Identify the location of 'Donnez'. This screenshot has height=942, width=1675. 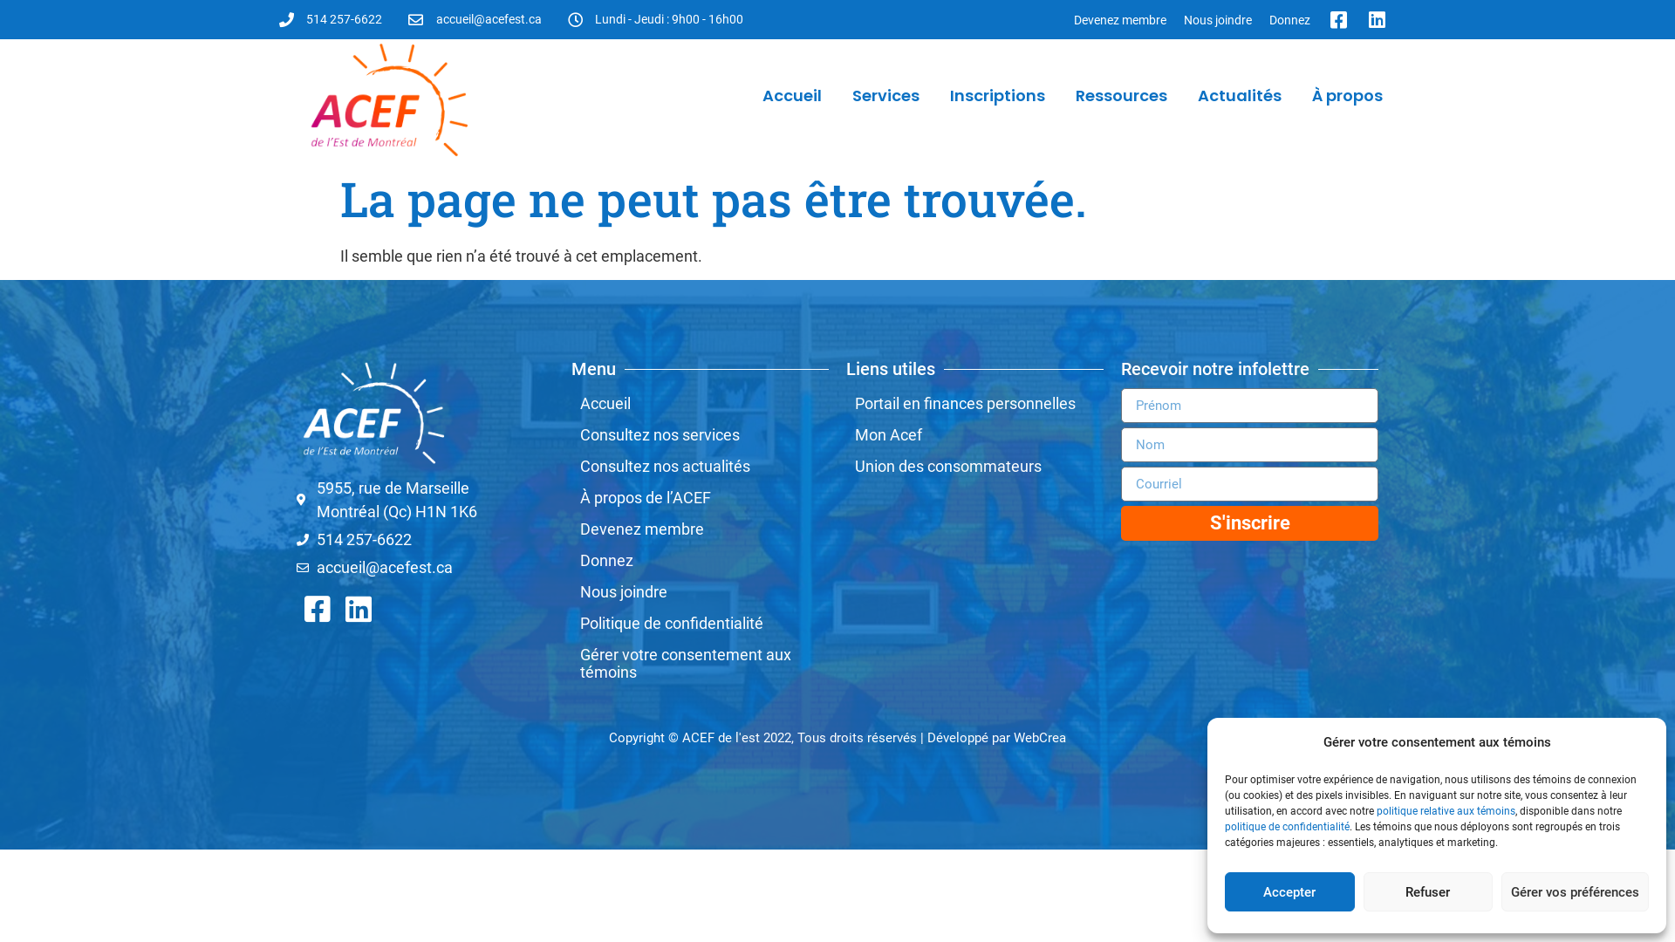
(1289, 19).